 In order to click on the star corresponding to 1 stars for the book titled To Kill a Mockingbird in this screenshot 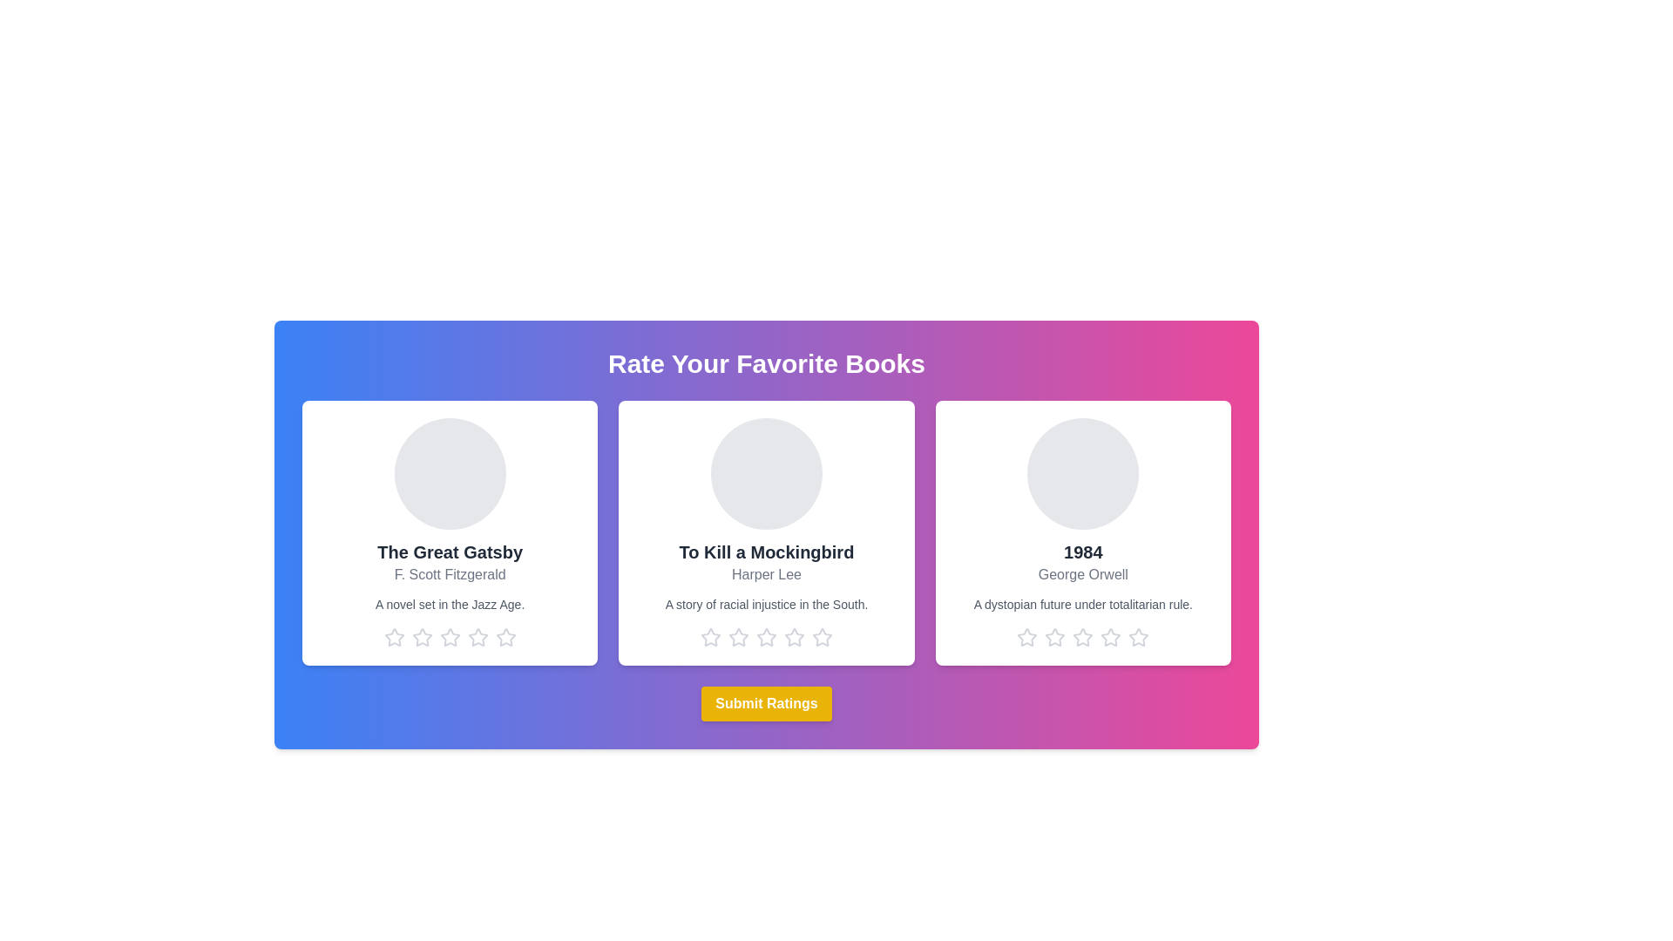, I will do `click(711, 638)`.